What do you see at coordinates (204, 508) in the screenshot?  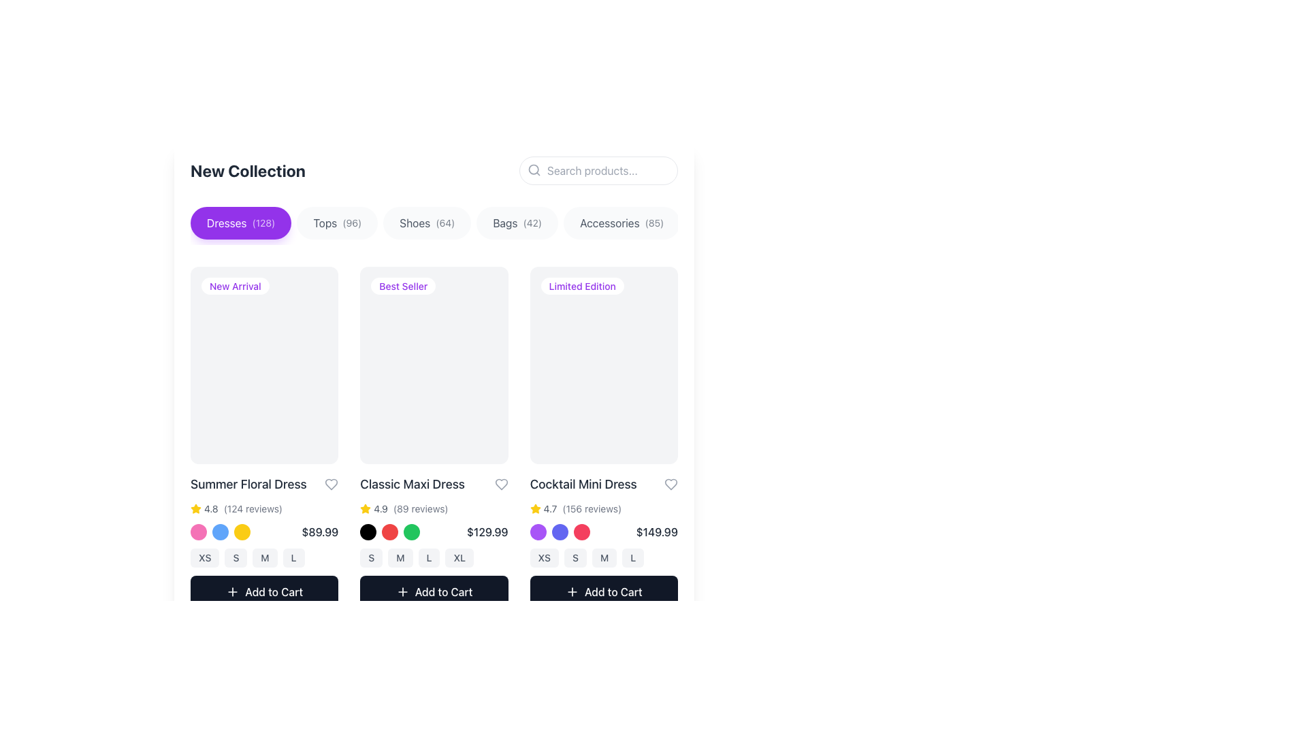 I see `the Rating indicator located at the top-left part of the card for the 'Summer Floral Dress', which represents the average rating of the product` at bounding box center [204, 508].